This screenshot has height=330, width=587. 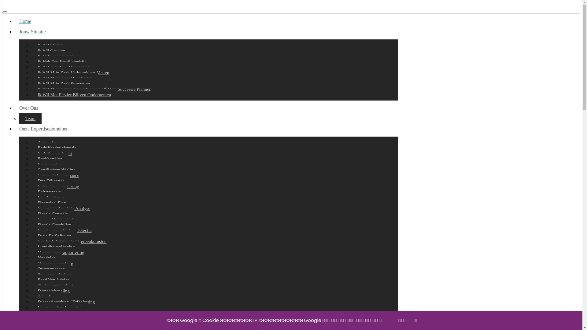 What do you see at coordinates (52, 203) in the screenshot?
I see `'Financieel Plan'` at bounding box center [52, 203].